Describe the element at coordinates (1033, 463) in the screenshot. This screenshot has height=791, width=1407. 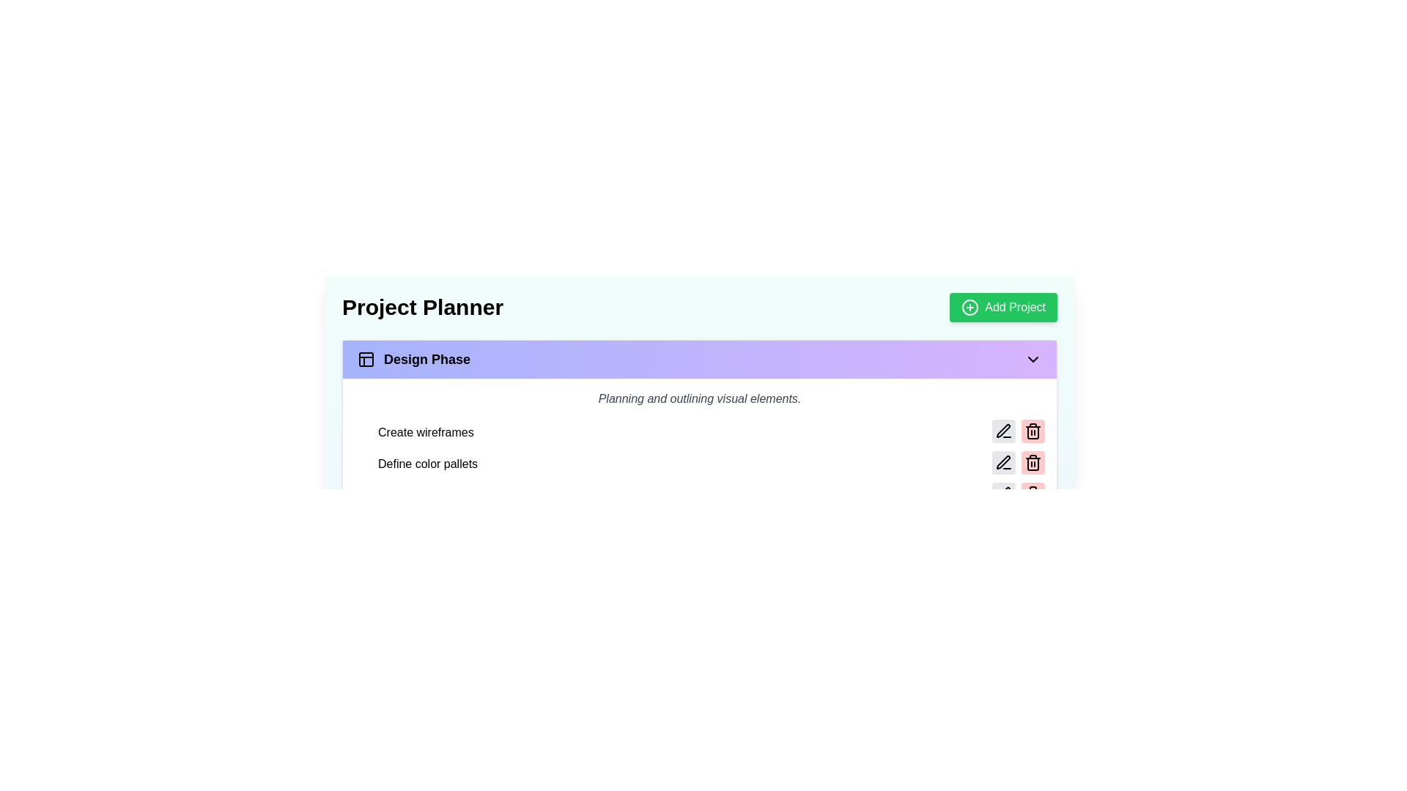
I see `the second visible trash can icon button located to the far right of a task row in the 'Project Planner' interface` at that location.